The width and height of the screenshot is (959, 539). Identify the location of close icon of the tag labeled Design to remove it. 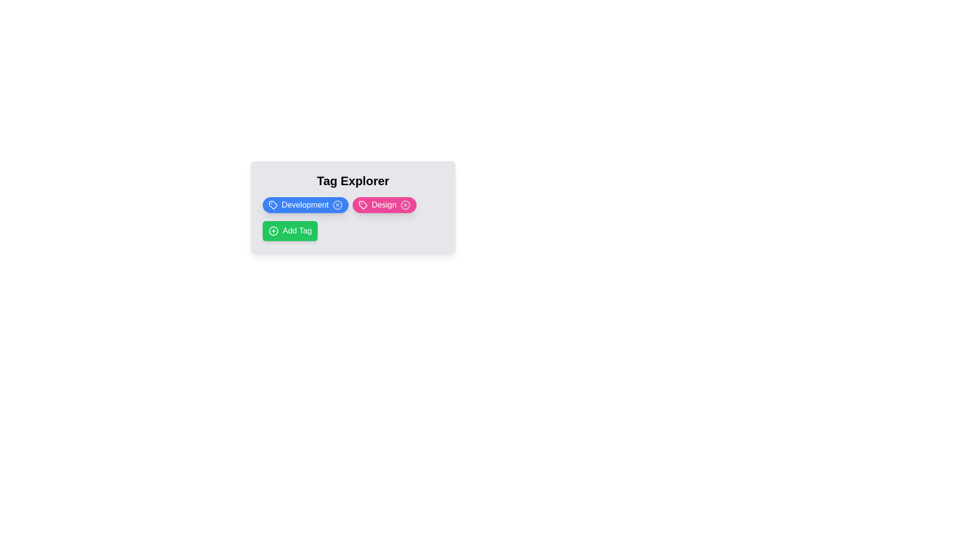
(406, 205).